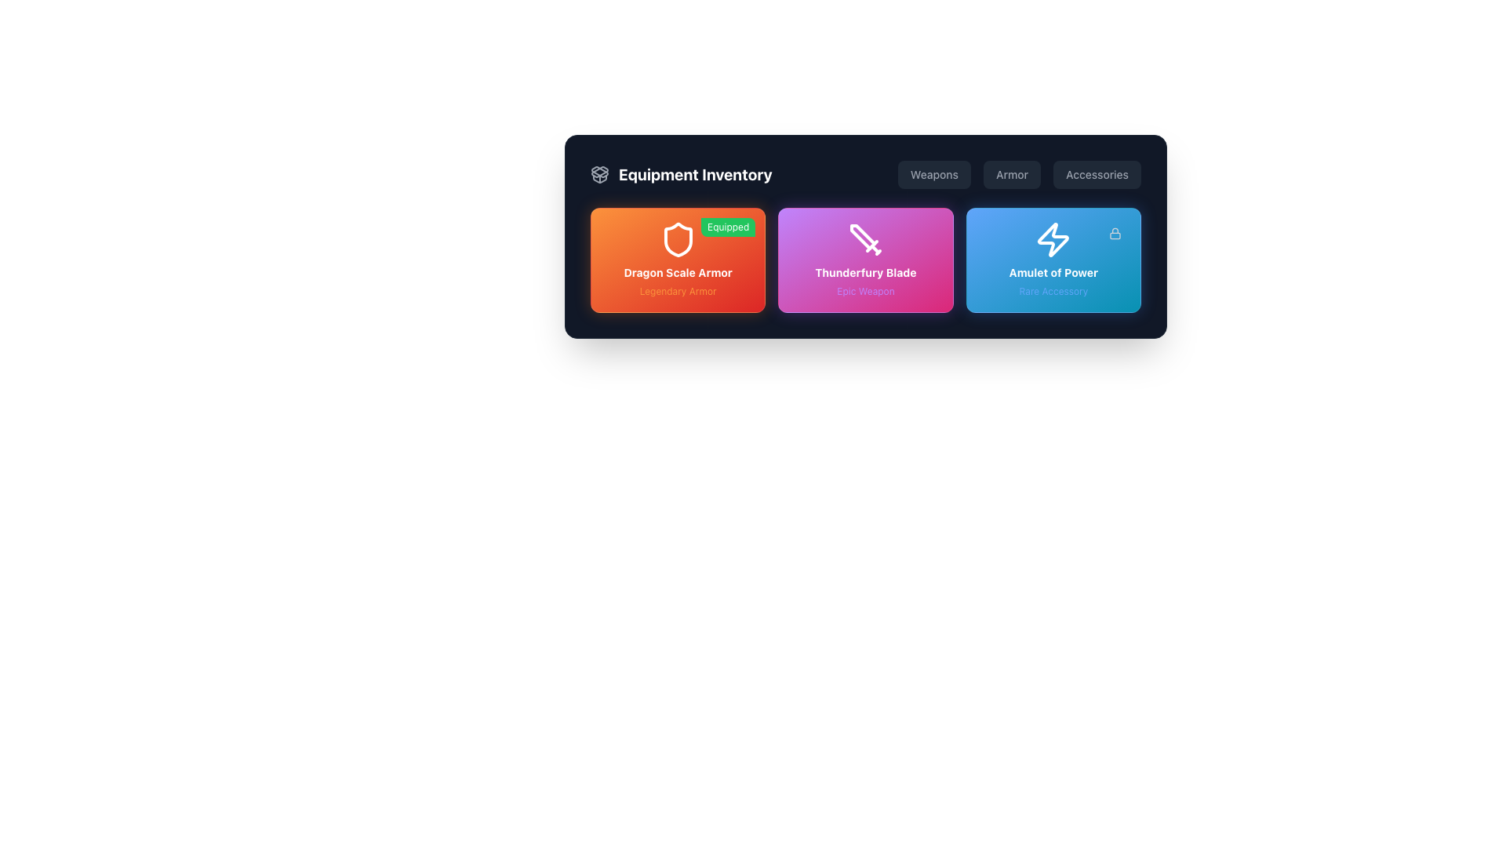 The width and height of the screenshot is (1506, 847). What do you see at coordinates (934, 175) in the screenshot?
I see `the 'Weapons' button, which is the first button in a row of three buttons at the upper center of the interface, intended to filter or categorize items within the inventory` at bounding box center [934, 175].